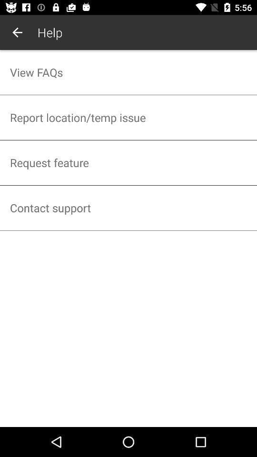  What do you see at coordinates (128, 163) in the screenshot?
I see `the request feature icon` at bounding box center [128, 163].